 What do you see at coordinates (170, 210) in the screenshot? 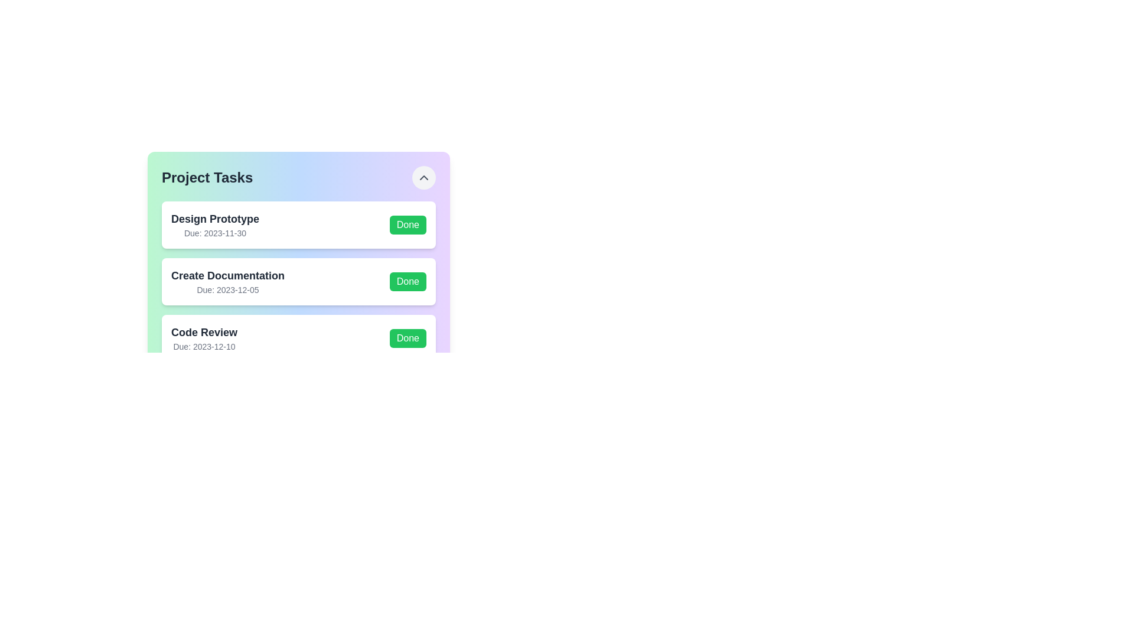
I see `the text of the task by clicking and dragging over it` at bounding box center [170, 210].